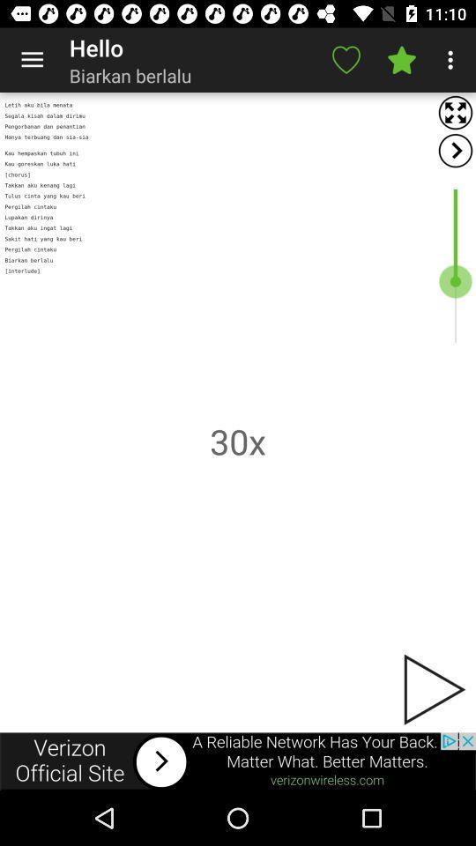 The width and height of the screenshot is (476, 846). I want to click on expand screen, so click(455, 112).